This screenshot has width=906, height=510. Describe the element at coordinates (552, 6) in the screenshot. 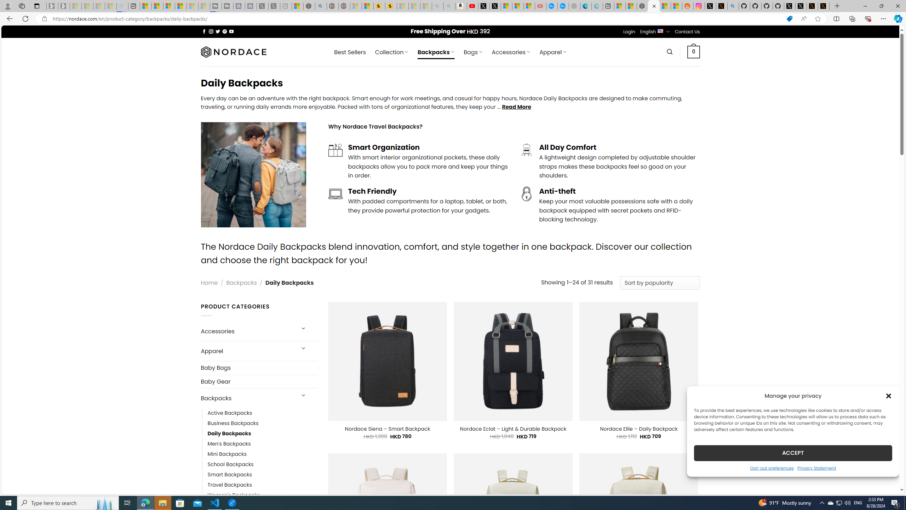

I see `'Opinion: Op-Ed and Commentary - USA TODAY'` at that location.